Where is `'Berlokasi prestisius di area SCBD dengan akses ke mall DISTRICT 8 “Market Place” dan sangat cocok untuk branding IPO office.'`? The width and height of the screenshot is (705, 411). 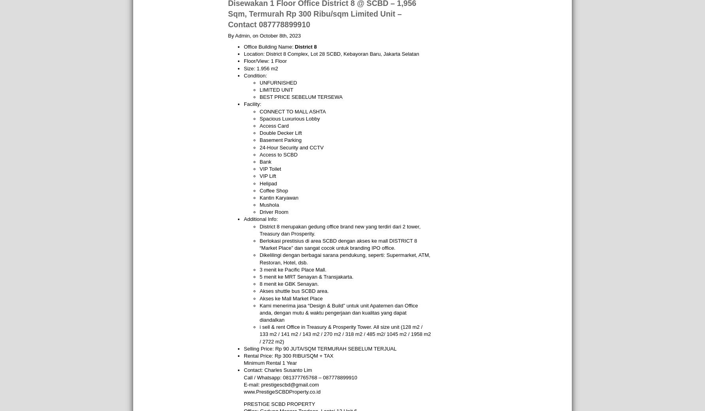
'Berlokasi prestisius di area SCBD dengan akses ke mall DISTRICT 8 “Market Place” dan sangat cocok untuk branding IPO office.' is located at coordinates (337, 244).